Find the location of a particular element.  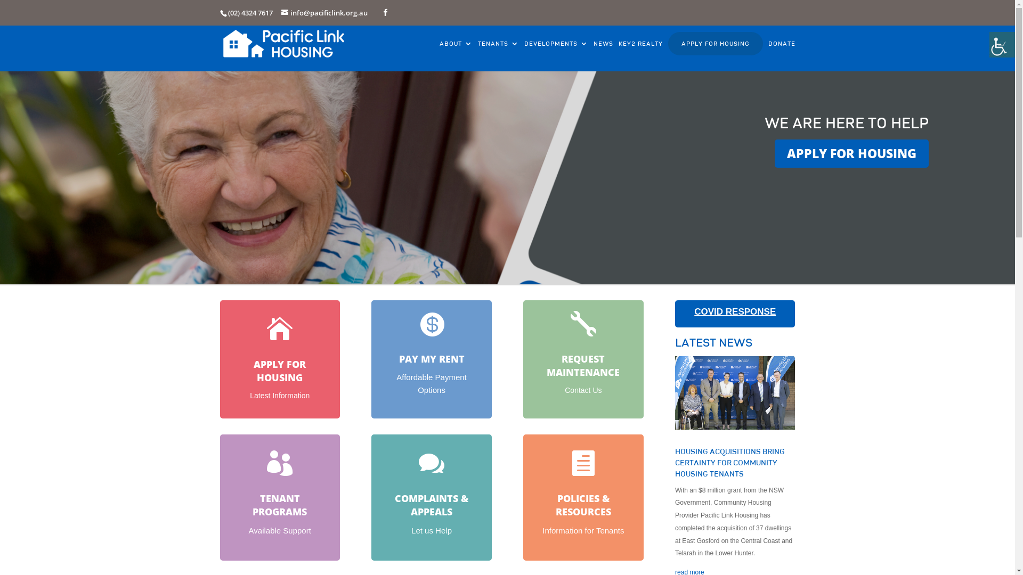

'info@pacificlink.org.au' is located at coordinates (281, 12).